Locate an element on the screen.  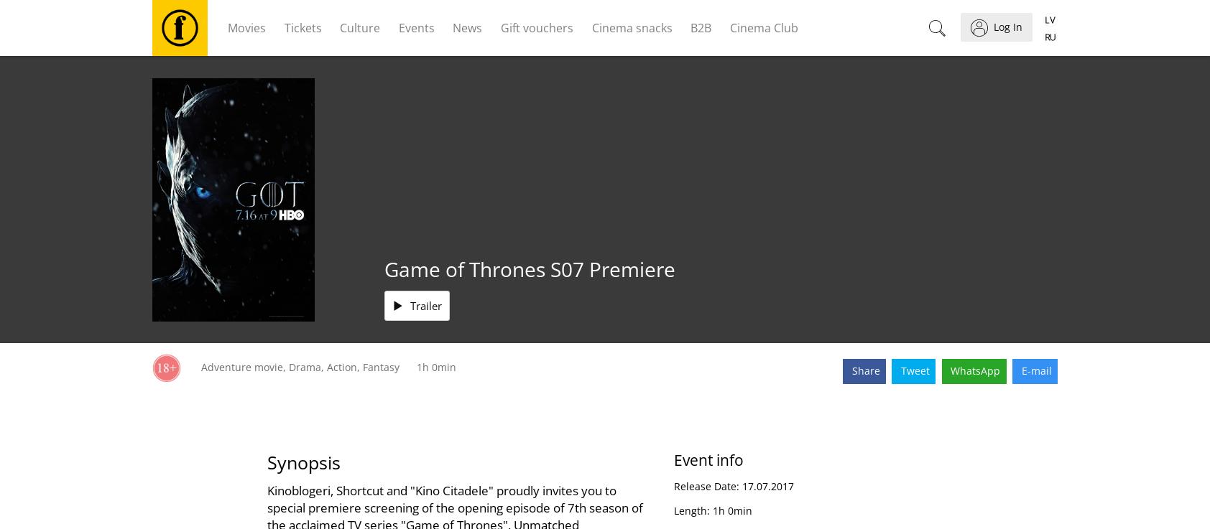
'B2B' is located at coordinates (700, 27).